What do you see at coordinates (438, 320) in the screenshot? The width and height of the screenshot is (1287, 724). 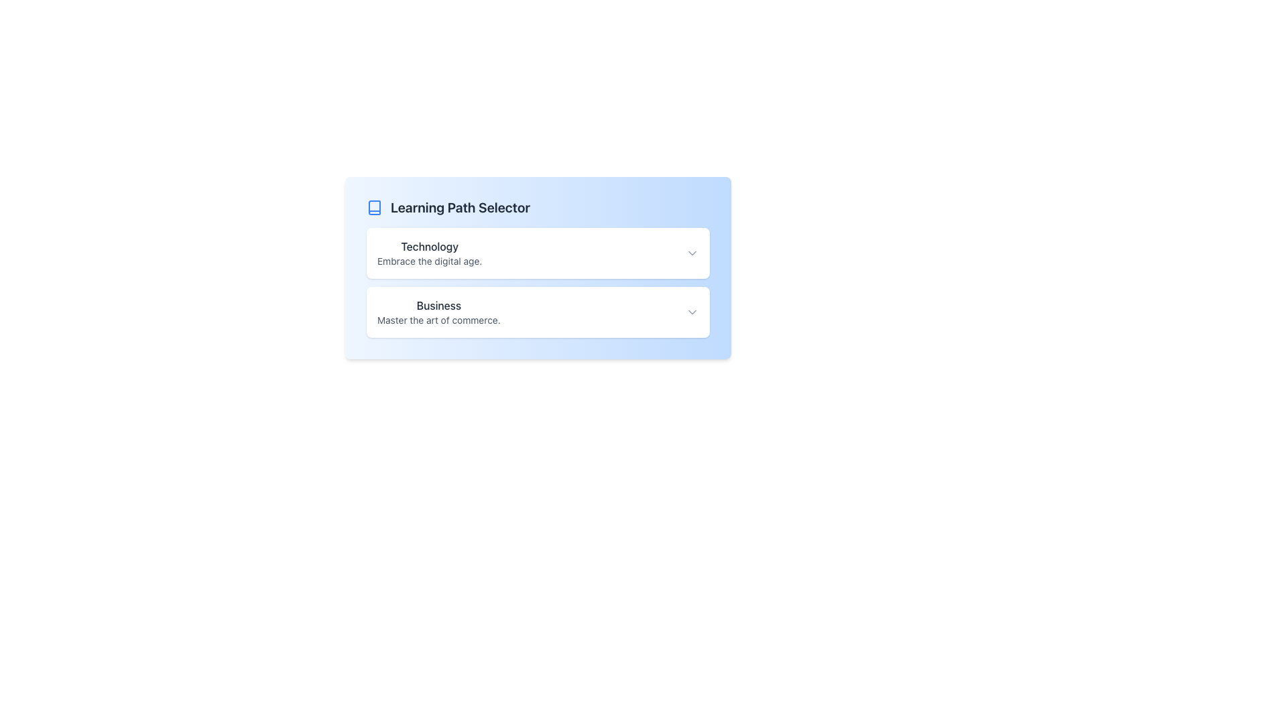 I see `the descriptive text located beneath the 'Business' title in the second row of the main layout` at bounding box center [438, 320].